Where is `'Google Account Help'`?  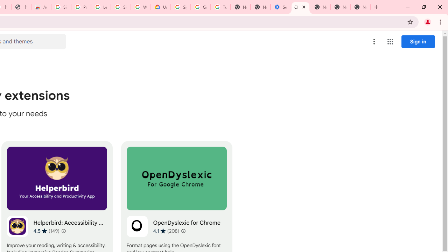 'Google Account Help' is located at coordinates (200, 7).